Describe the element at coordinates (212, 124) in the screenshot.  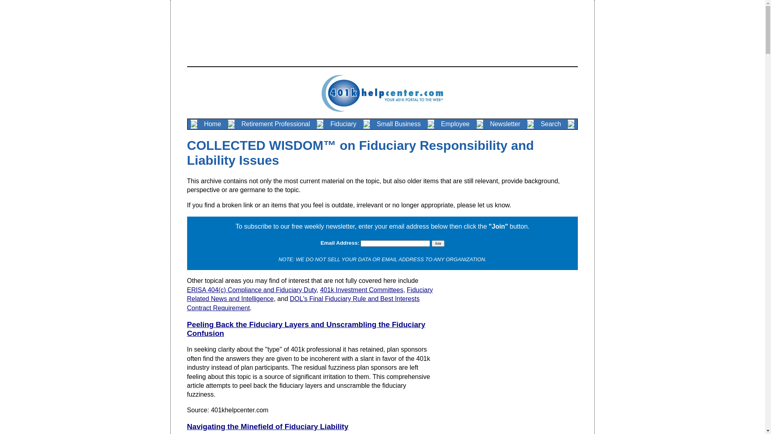
I see `'   Home   '` at that location.